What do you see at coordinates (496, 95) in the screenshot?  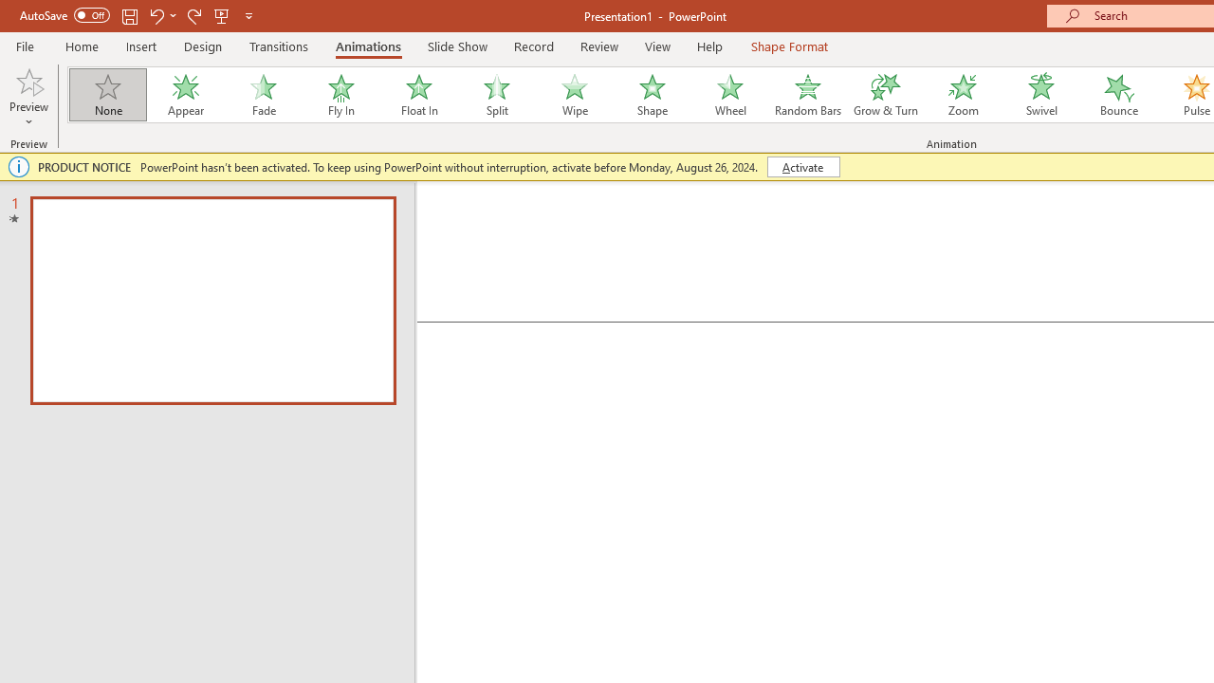 I see `'Split'` at bounding box center [496, 95].